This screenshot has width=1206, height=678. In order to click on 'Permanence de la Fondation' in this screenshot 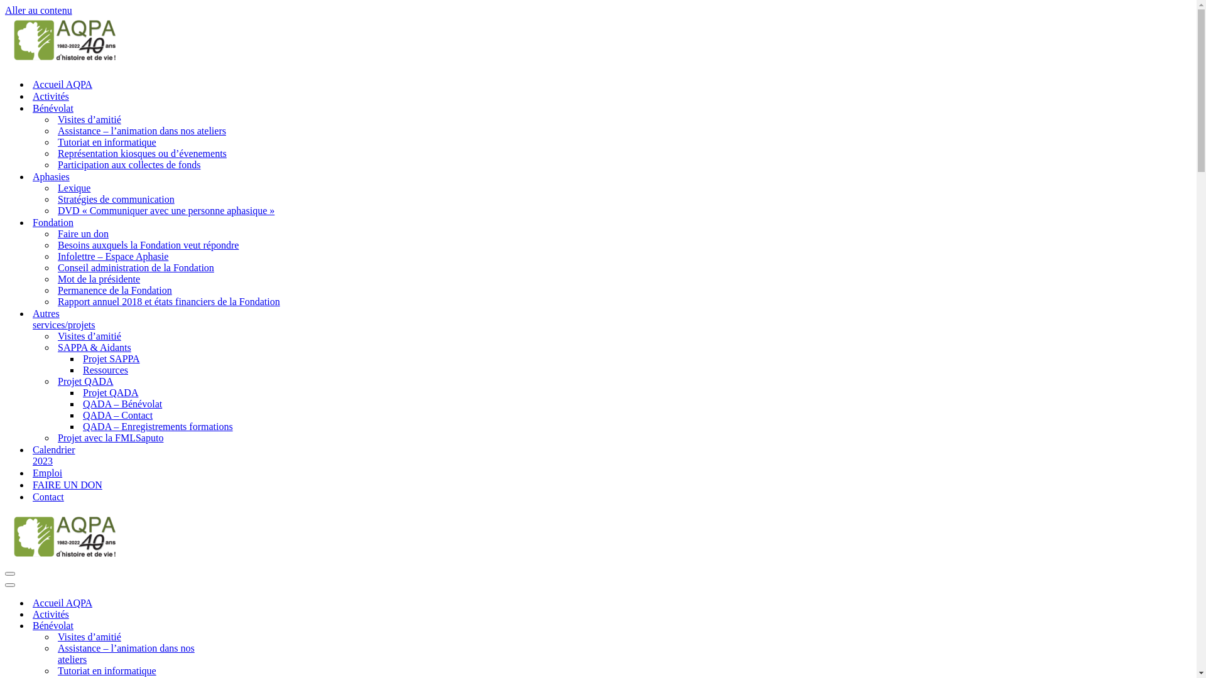, I will do `click(57, 290)`.